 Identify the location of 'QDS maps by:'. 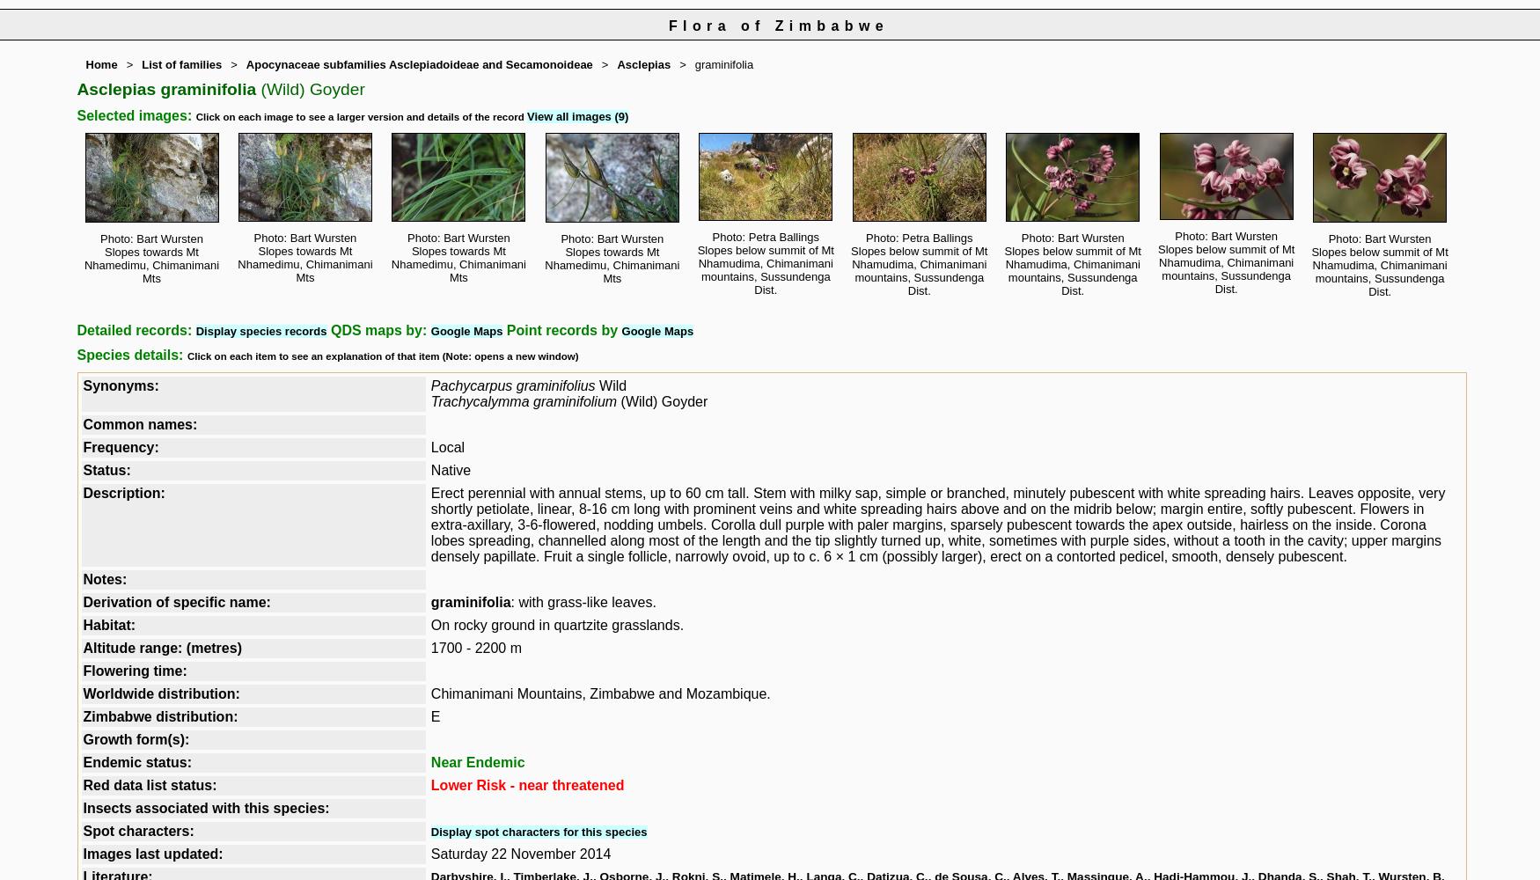
(377, 330).